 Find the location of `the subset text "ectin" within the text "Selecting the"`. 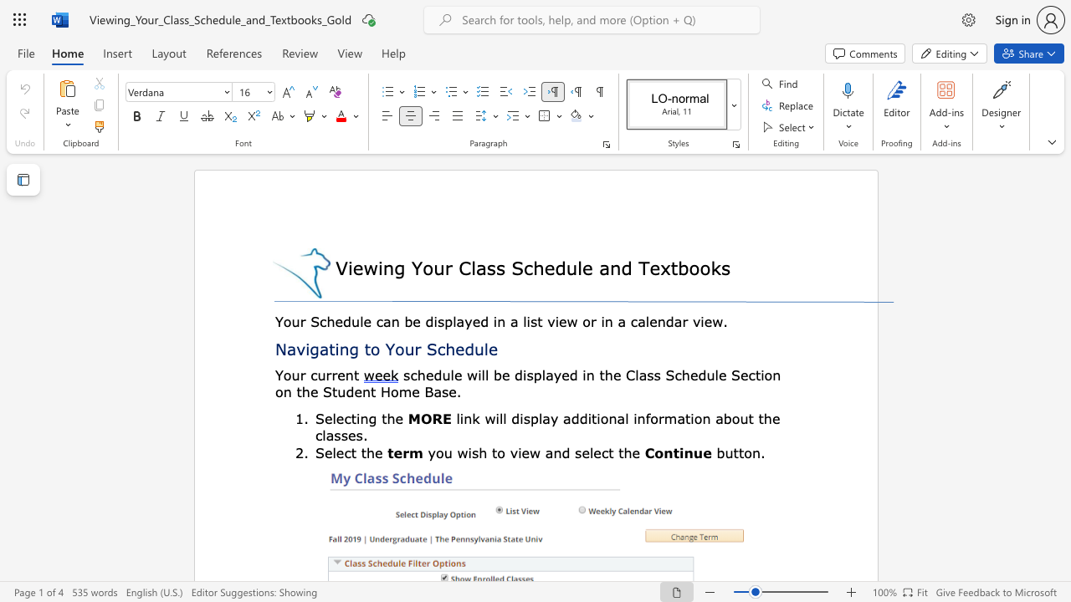

the subset text "ectin" within the text "Selecting the" is located at coordinates (335, 417).